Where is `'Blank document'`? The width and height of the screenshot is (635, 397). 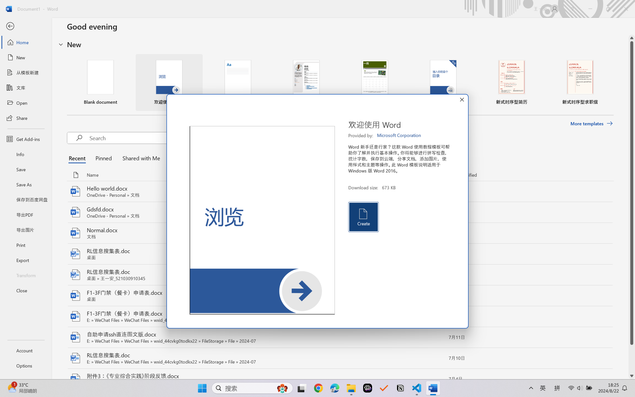
'Blank document' is located at coordinates (100, 82).